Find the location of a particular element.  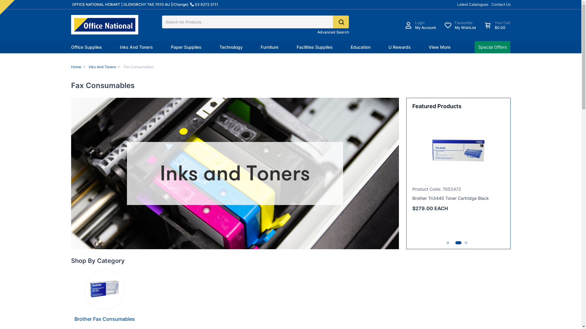

'View More' is located at coordinates (440, 47).